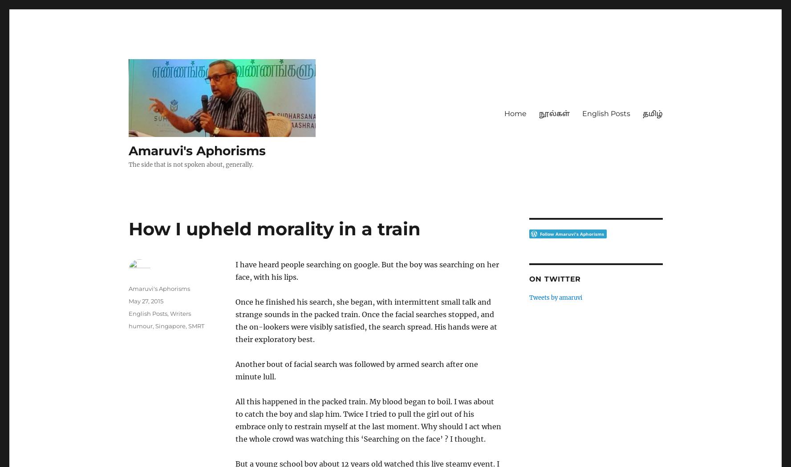  What do you see at coordinates (235, 370) in the screenshot?
I see `'Another bout of facial search was followed by armed search after one minute lull.'` at bounding box center [235, 370].